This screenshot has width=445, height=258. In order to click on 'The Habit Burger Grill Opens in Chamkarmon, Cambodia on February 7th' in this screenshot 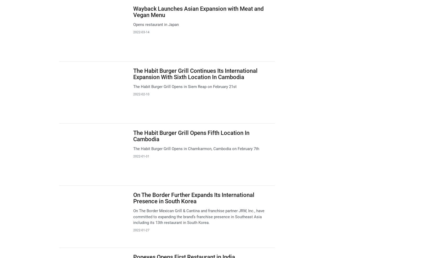, I will do `click(196, 149)`.